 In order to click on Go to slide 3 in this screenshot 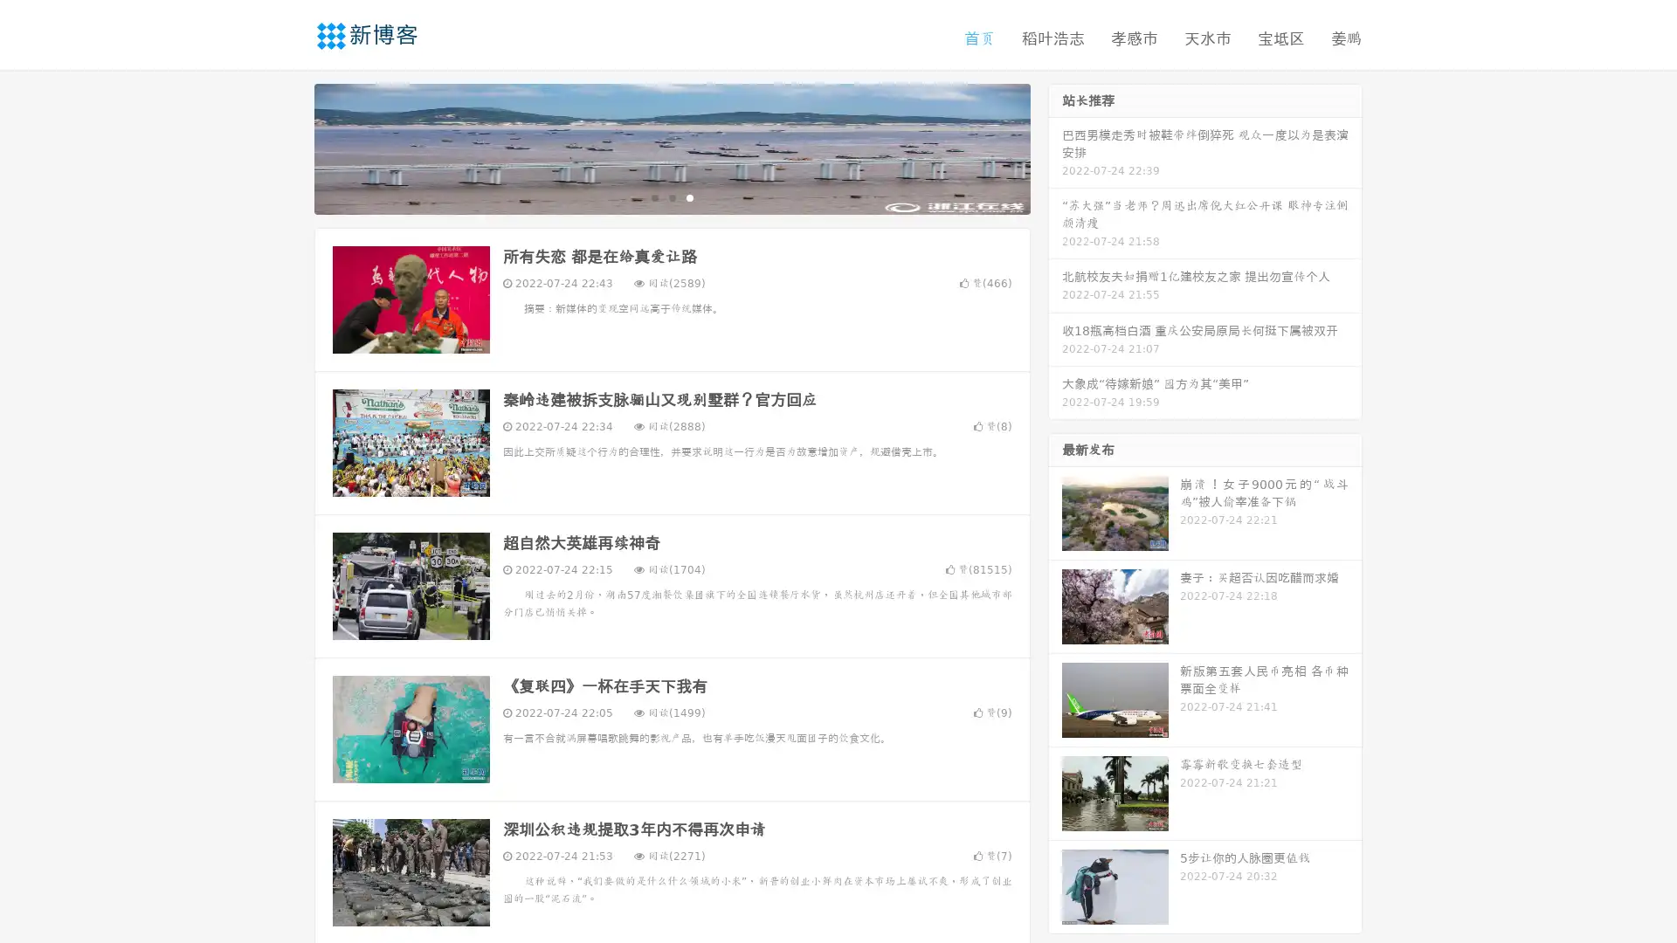, I will do `click(689, 196)`.